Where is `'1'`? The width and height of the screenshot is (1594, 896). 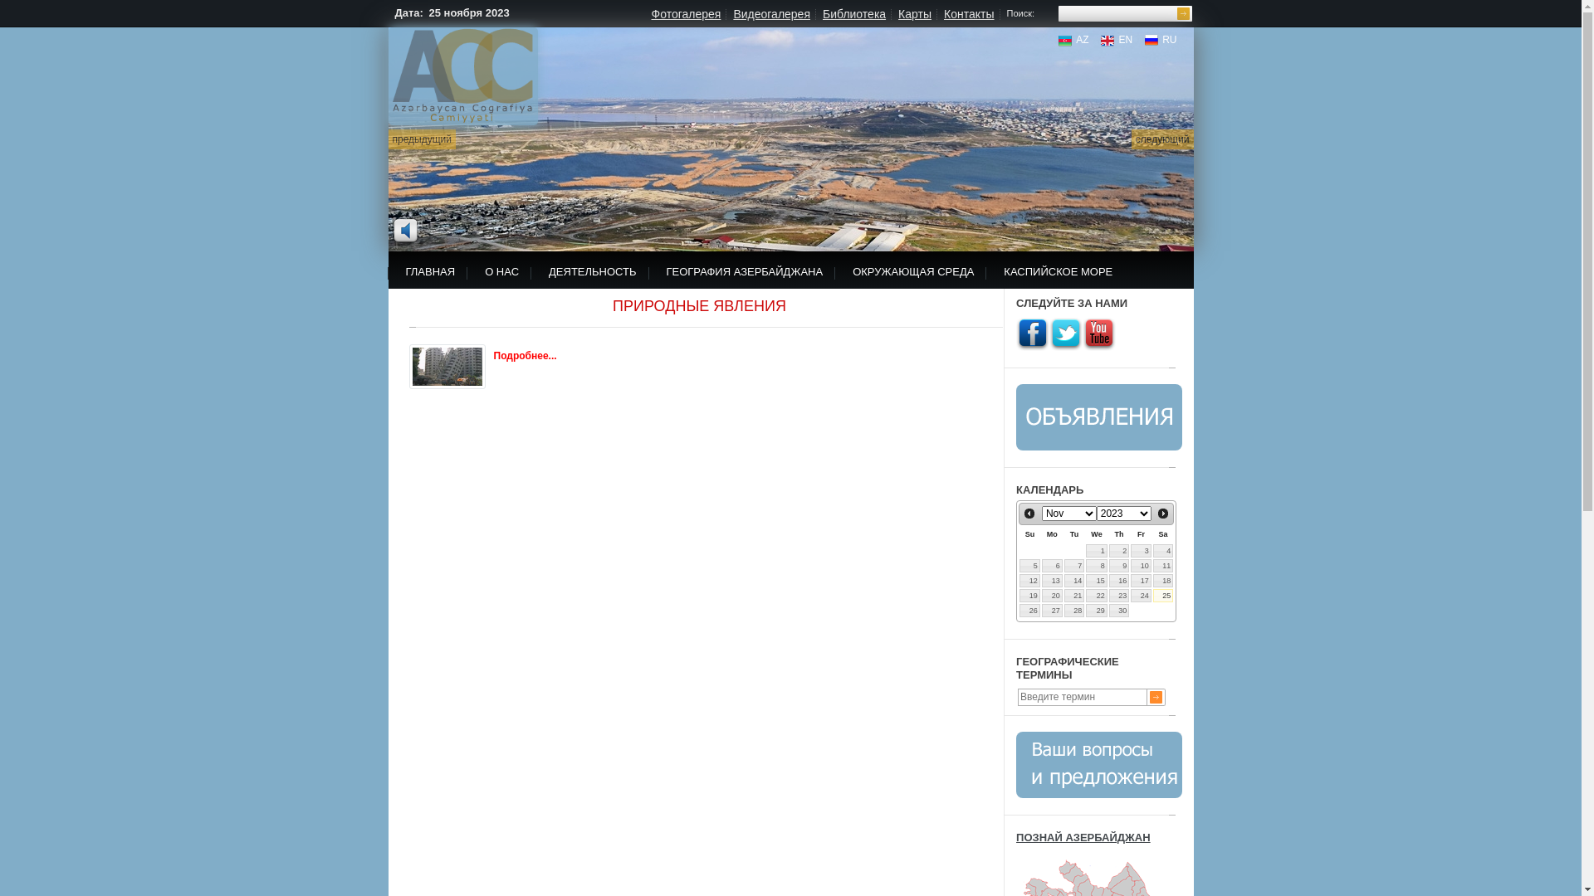 '1' is located at coordinates (1096, 550).